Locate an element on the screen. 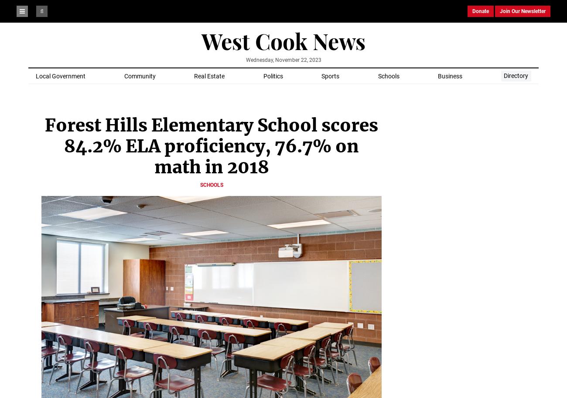 The height and width of the screenshot is (398, 567). 'Join Our Newsletter' is located at coordinates (522, 11).